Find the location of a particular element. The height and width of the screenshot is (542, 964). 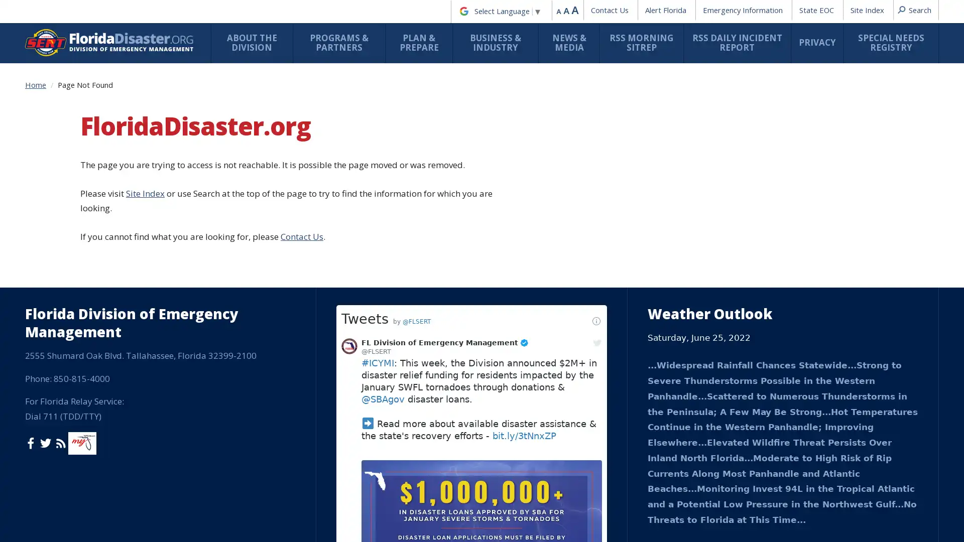

Toggle More is located at coordinates (301, 224).